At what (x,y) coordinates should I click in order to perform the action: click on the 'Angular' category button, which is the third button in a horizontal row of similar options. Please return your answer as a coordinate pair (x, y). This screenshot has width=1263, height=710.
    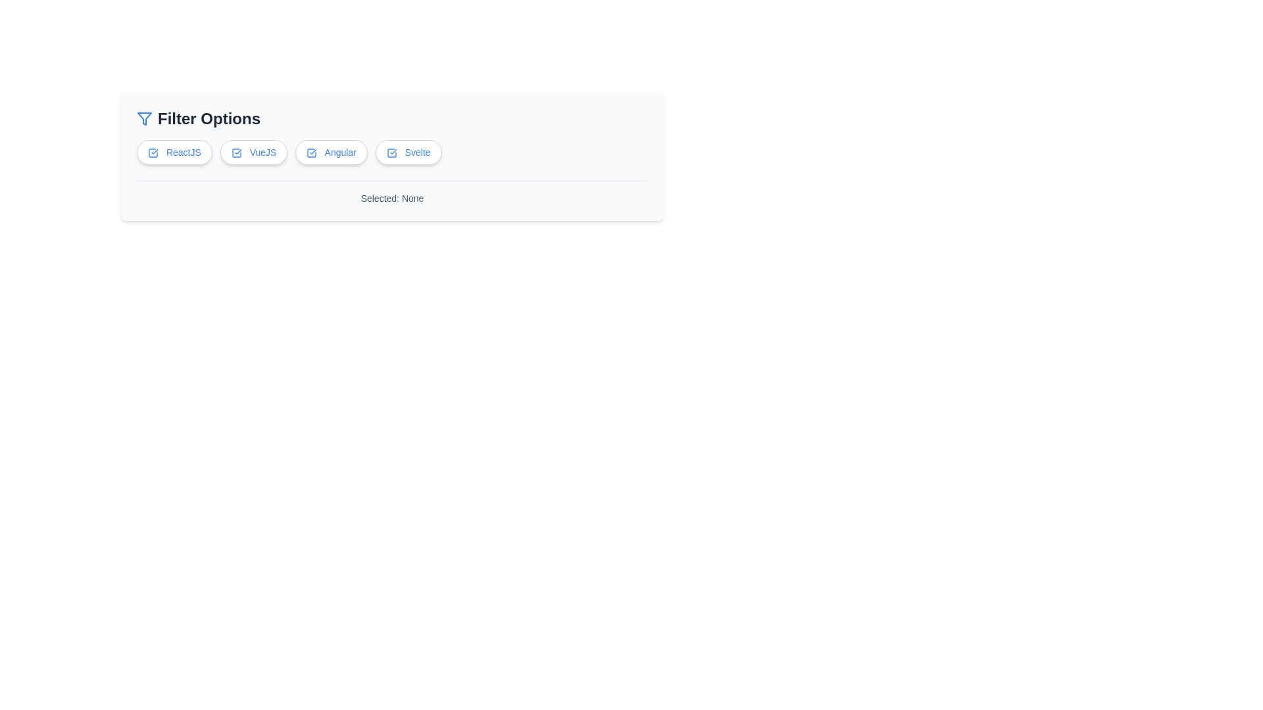
    Looking at the image, I should click on (332, 151).